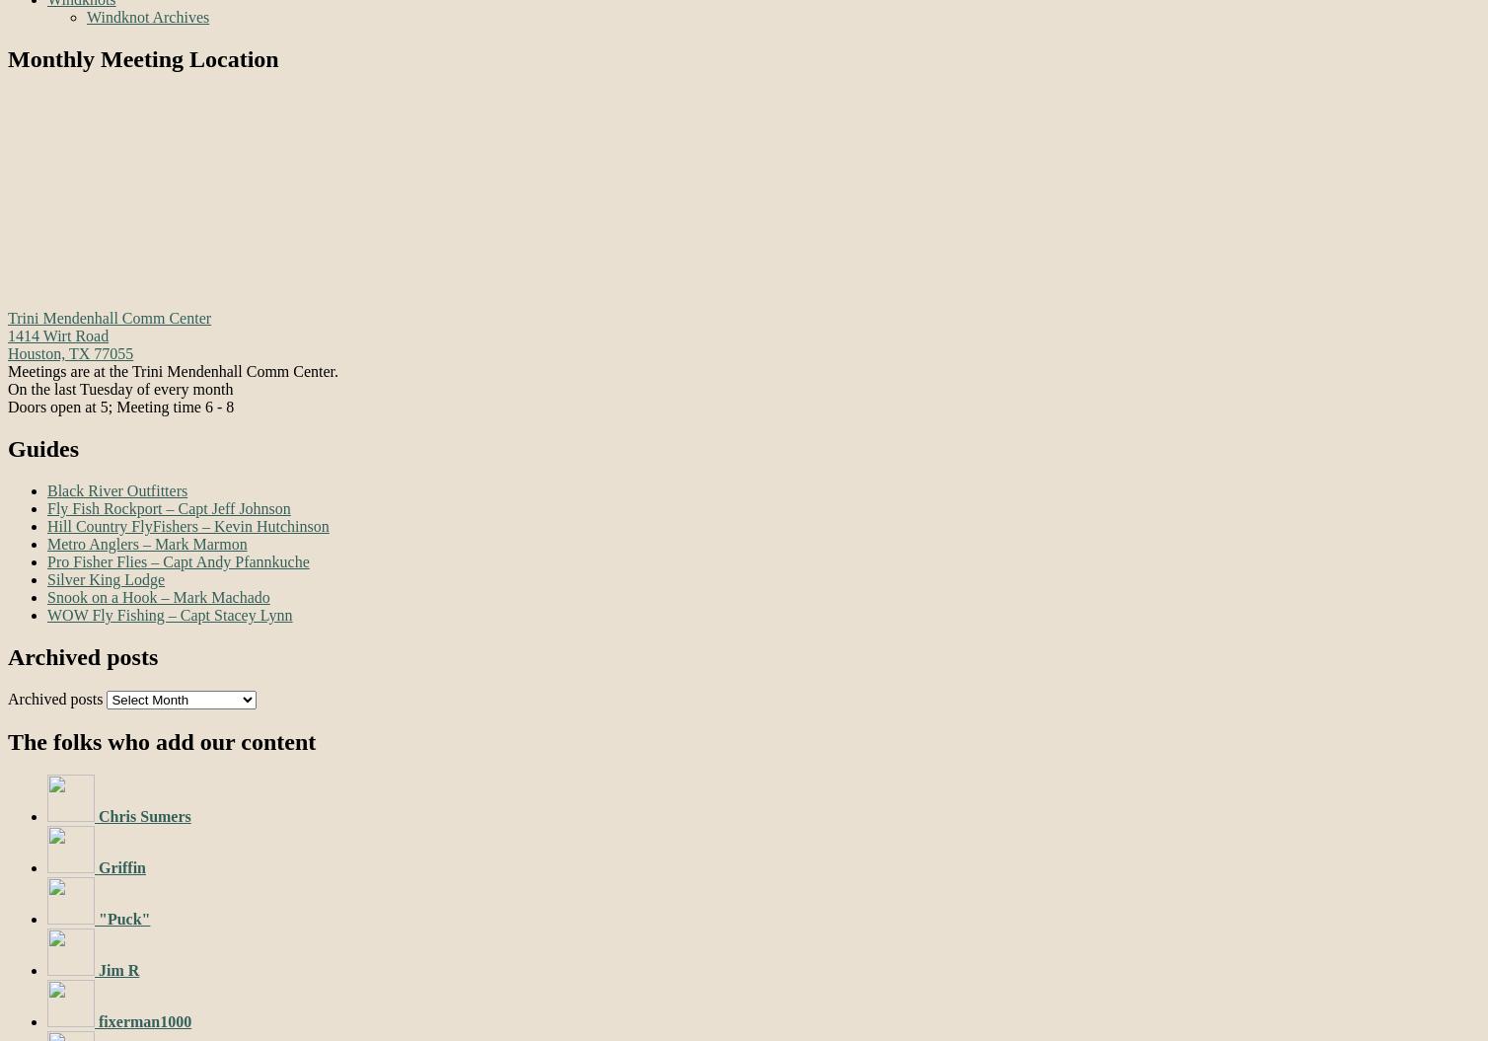  What do you see at coordinates (119, 388) in the screenshot?
I see `'On the last Tuesday of every month'` at bounding box center [119, 388].